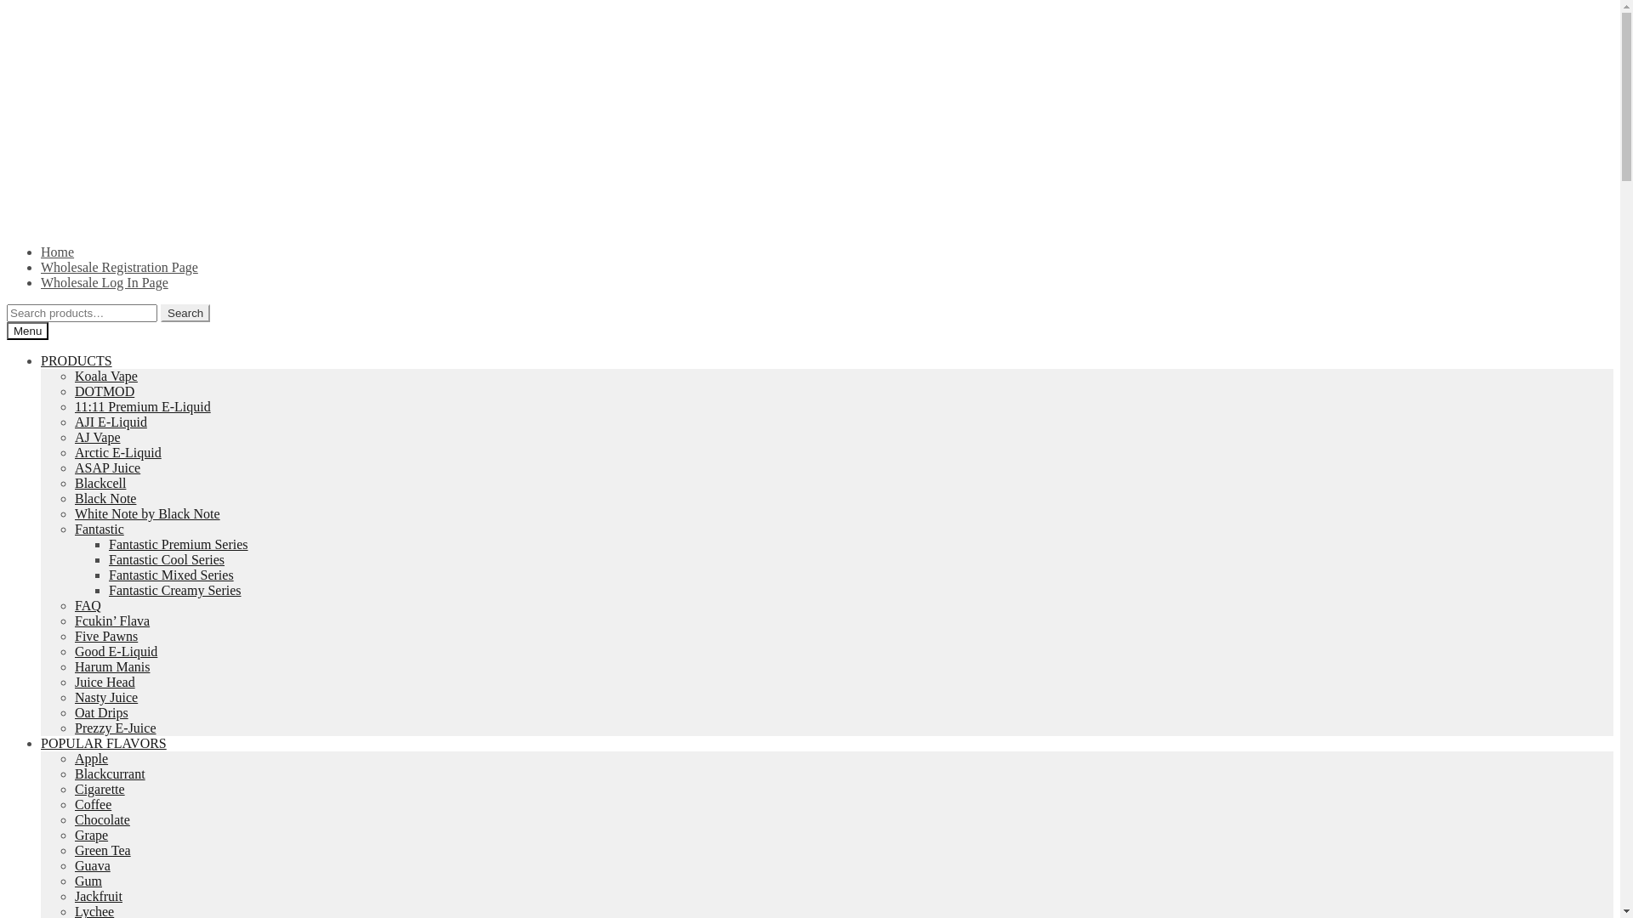 The image size is (1633, 918). Describe the element at coordinates (147, 513) in the screenshot. I see `'White Note by Black Note'` at that location.